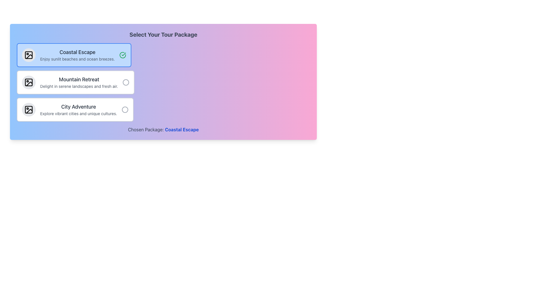 This screenshot has width=547, height=307. I want to click on the green checkmark SVG icon located at the far-right of the 'Coastal Escape' card, the first card in the top row of three horizontally aligned cards, so click(122, 55).